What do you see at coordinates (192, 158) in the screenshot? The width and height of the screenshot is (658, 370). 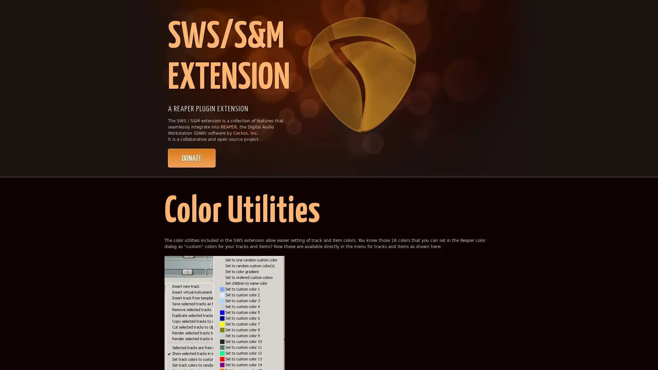 I see `PayPal` at bounding box center [192, 158].